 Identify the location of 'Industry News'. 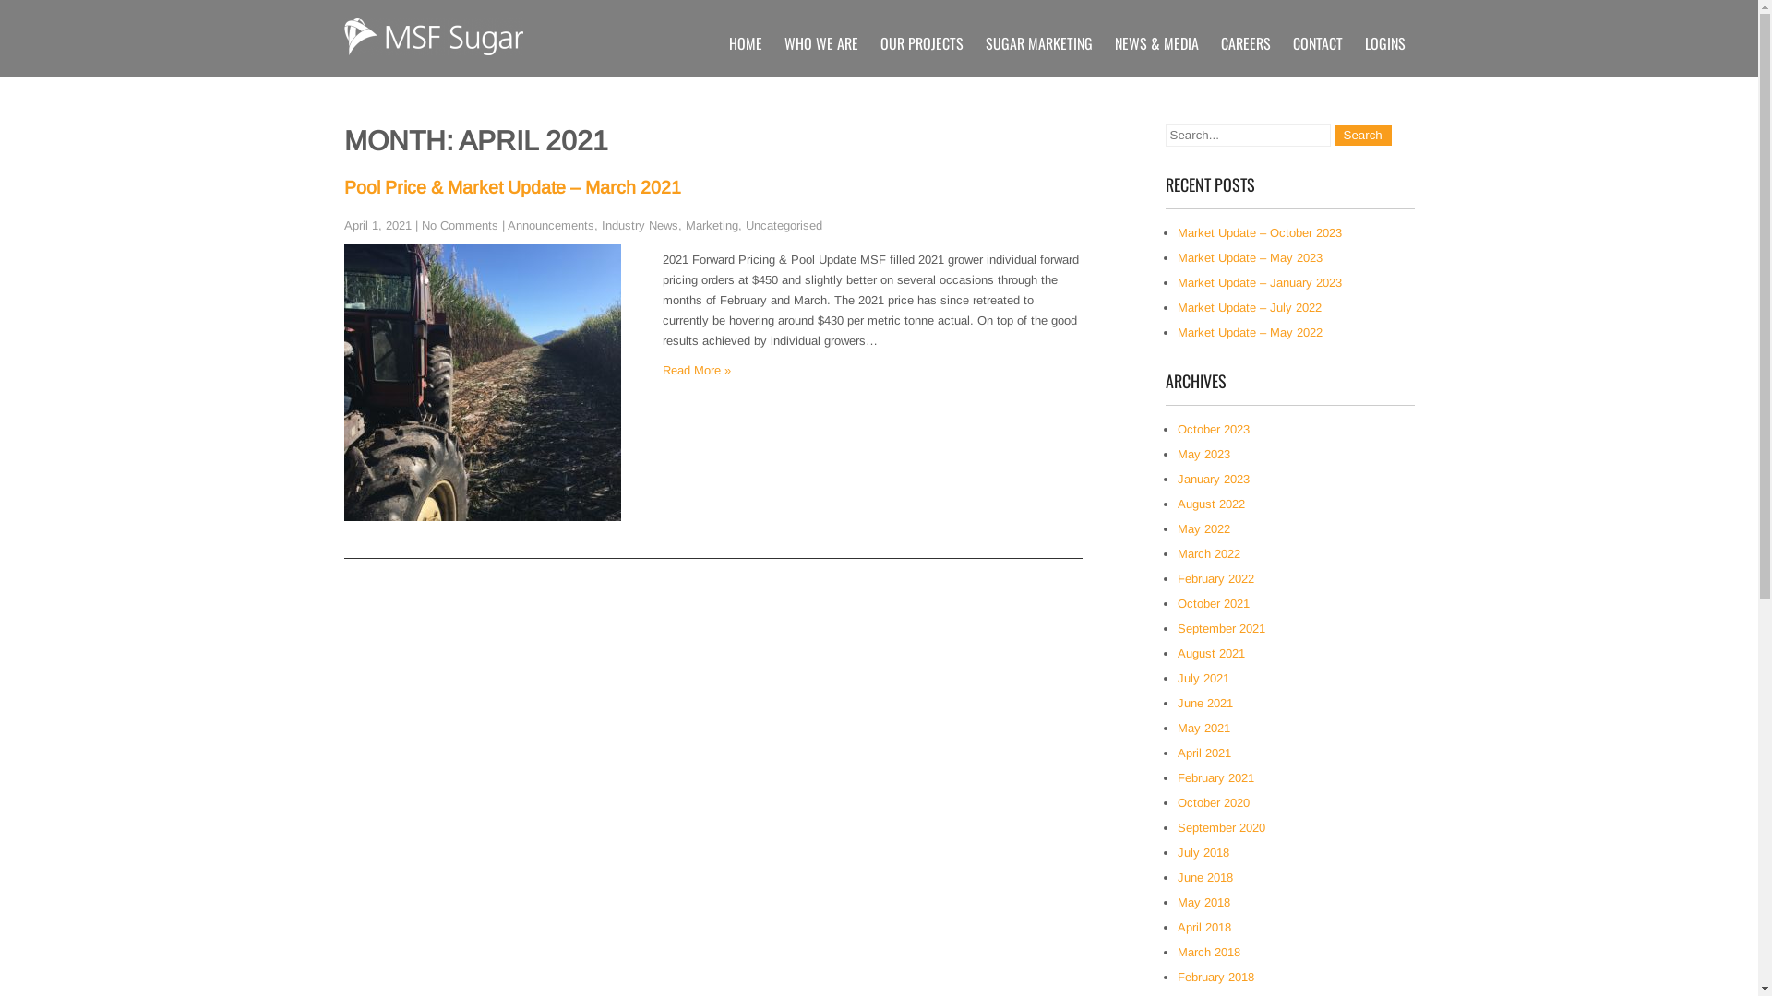
(640, 224).